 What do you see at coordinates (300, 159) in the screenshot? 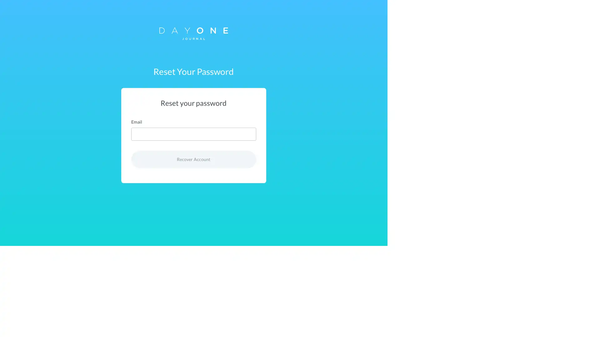
I see `Recover Account` at bounding box center [300, 159].